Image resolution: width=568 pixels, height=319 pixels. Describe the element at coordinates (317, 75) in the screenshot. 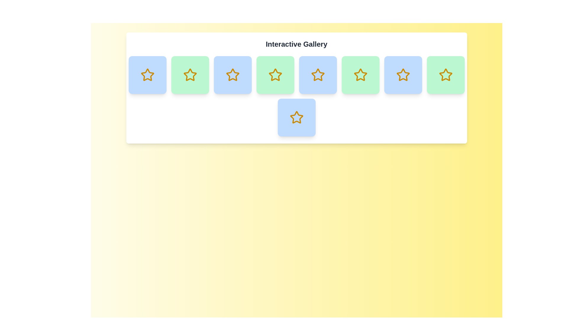

I see `the star icon with a gold outline, located within a rounded blue square in the Interactive Gallery, to interact with it` at that location.